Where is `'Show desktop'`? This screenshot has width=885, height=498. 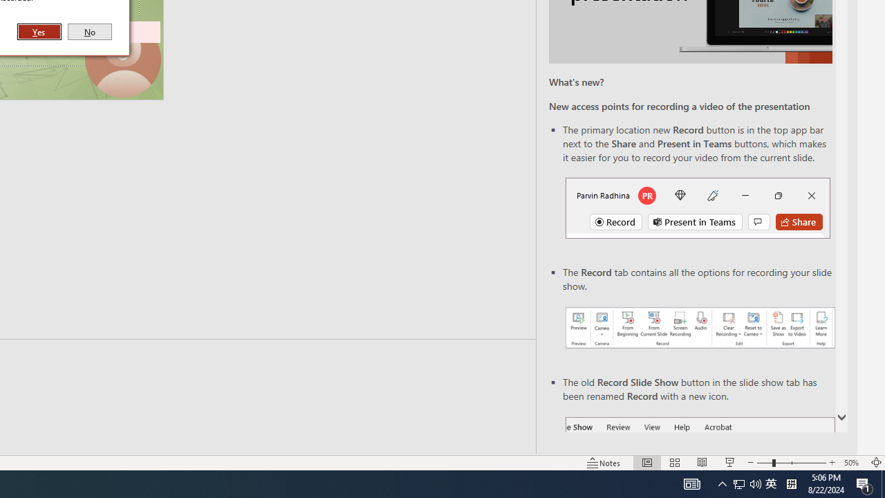 'Show desktop' is located at coordinates (882, 483).